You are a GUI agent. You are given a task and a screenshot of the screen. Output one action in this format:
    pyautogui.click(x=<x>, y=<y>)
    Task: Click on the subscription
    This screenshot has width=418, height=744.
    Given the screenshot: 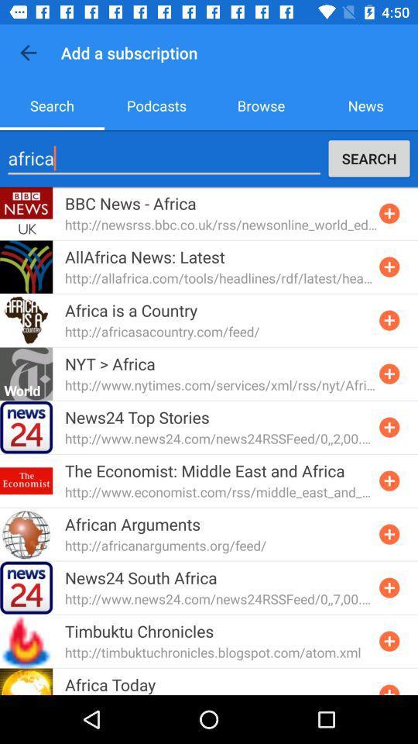 What is the action you would take?
    pyautogui.click(x=389, y=427)
    